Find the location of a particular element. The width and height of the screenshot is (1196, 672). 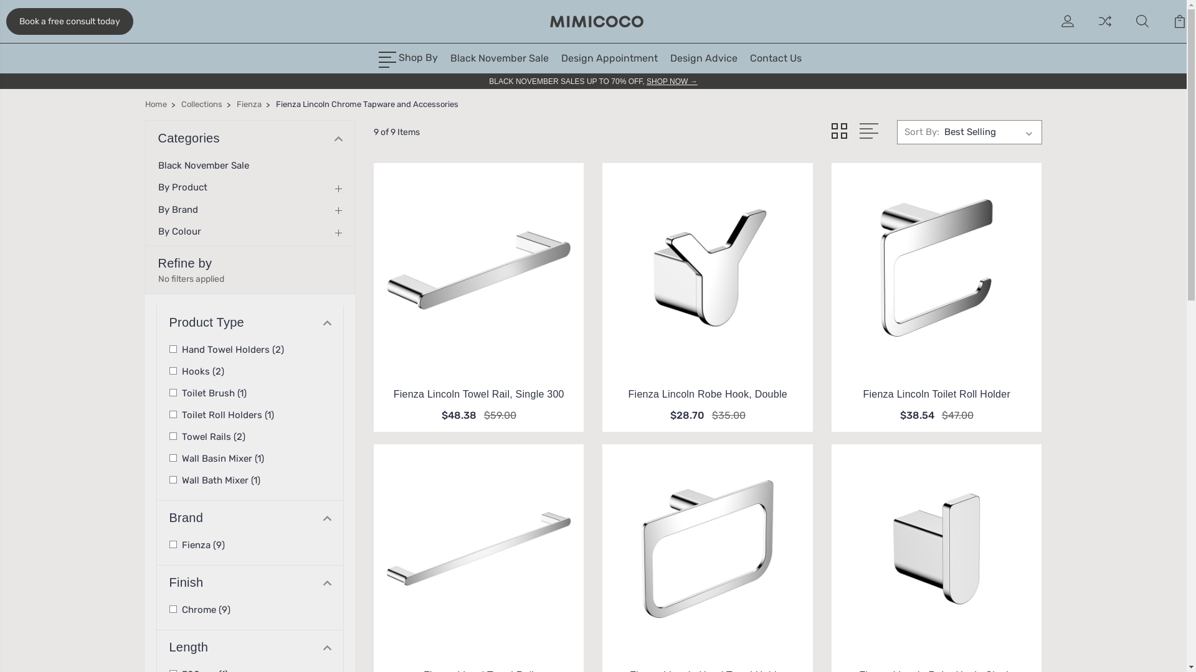

'Wall Bath Mixer (1)' is located at coordinates (169, 479).